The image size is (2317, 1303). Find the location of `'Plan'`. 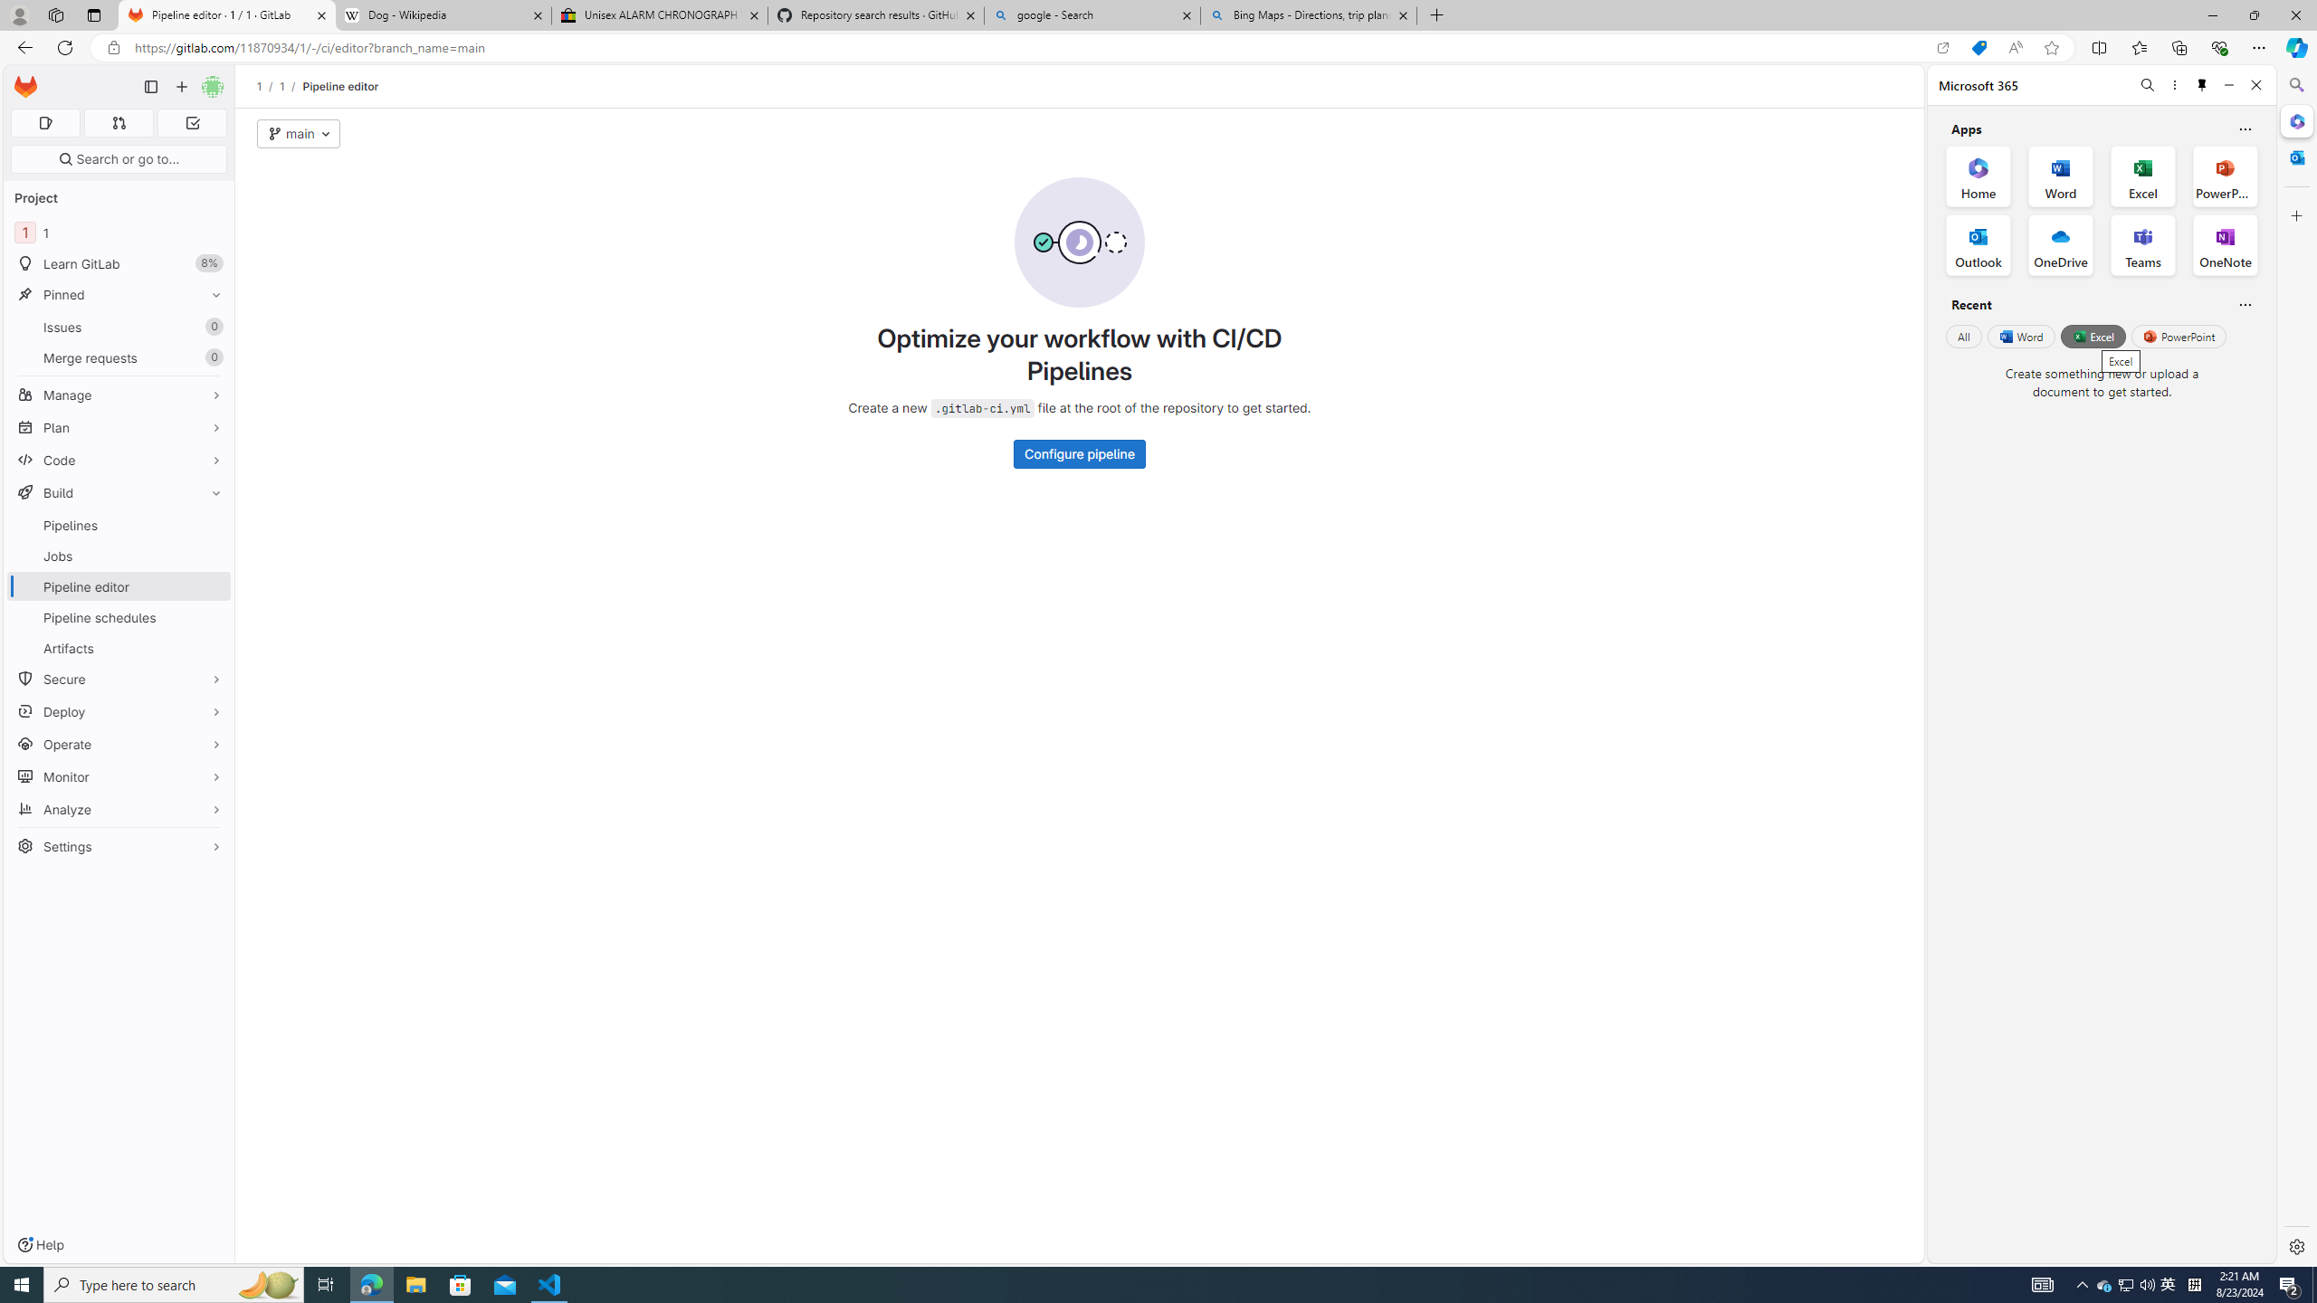

'Plan' is located at coordinates (118, 427).